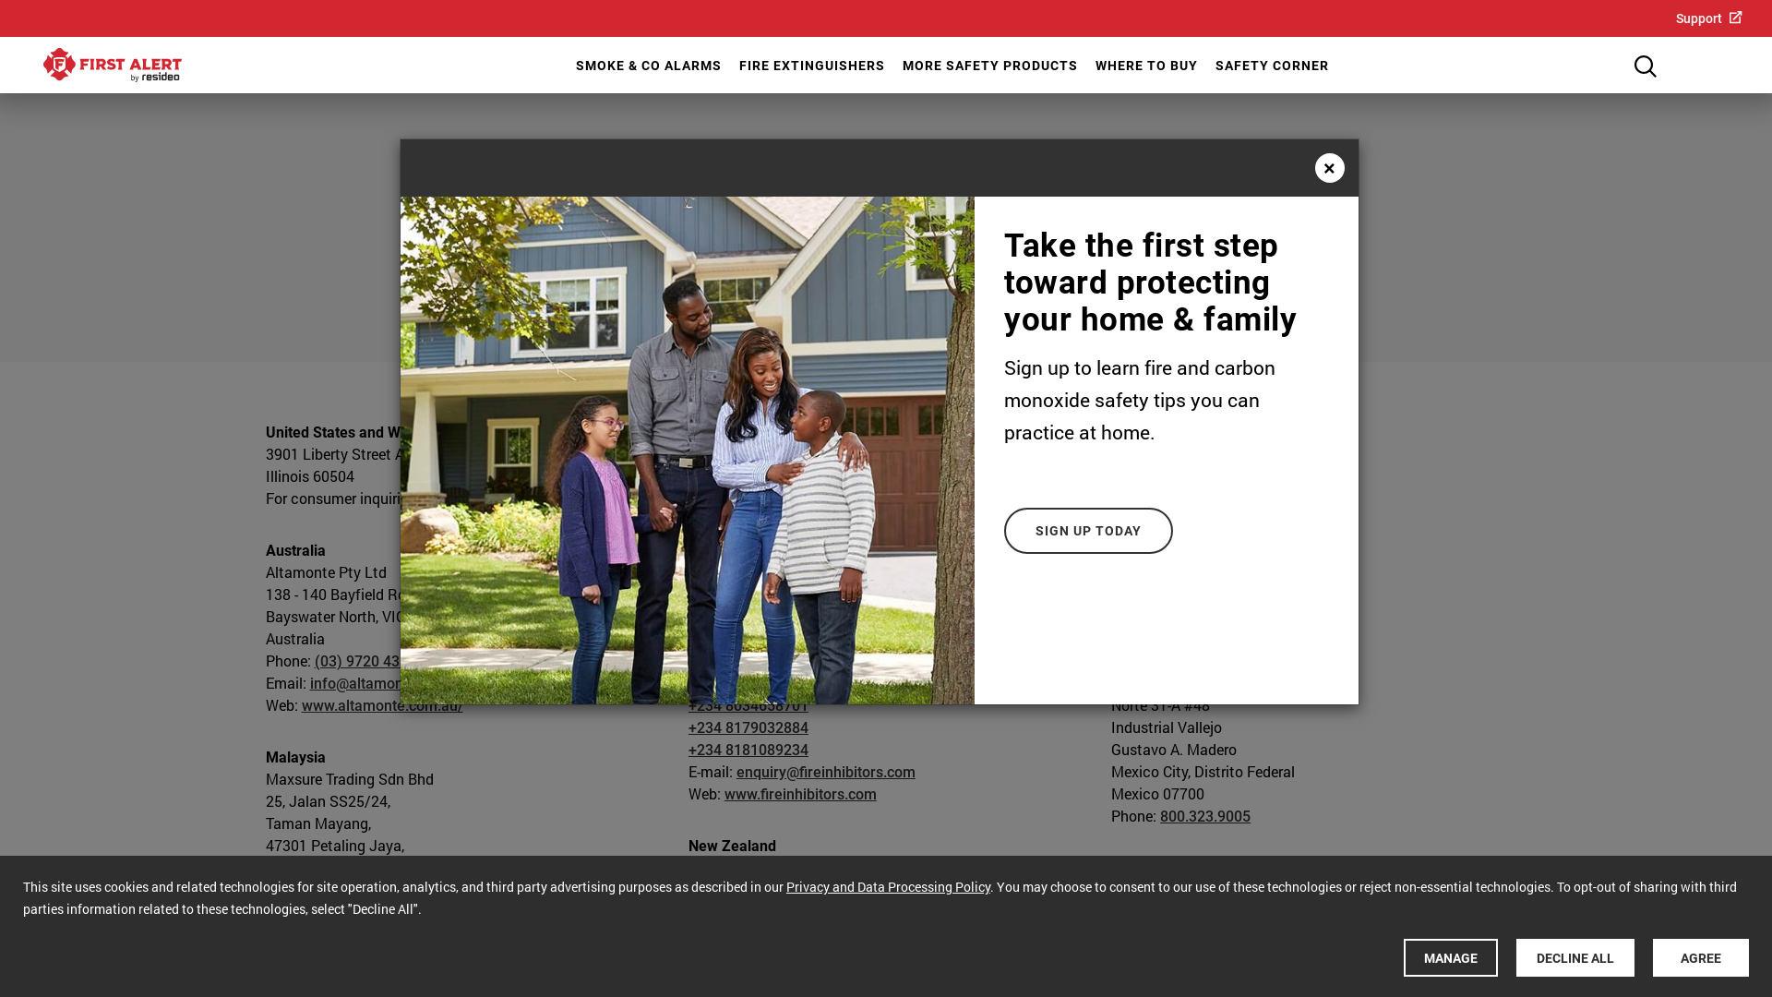 Image resolution: width=1772 pixels, height=997 pixels. Describe the element at coordinates (111, 64) in the screenshot. I see `'Home'` at that location.